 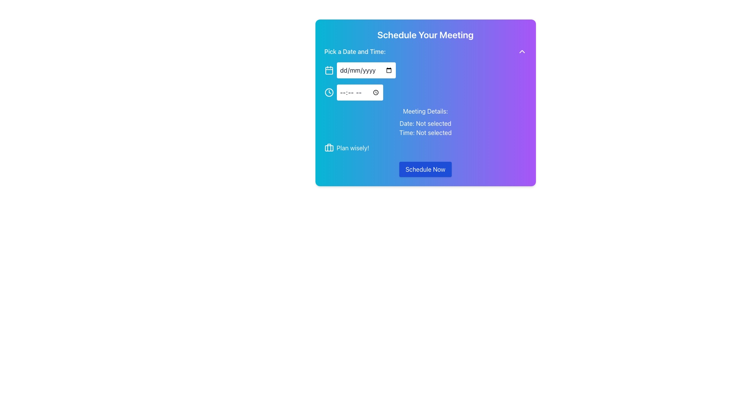 I want to click on the calendar icon, which is a minimalistic square outline with date marks, located to the left of the date input field, so click(x=329, y=70).